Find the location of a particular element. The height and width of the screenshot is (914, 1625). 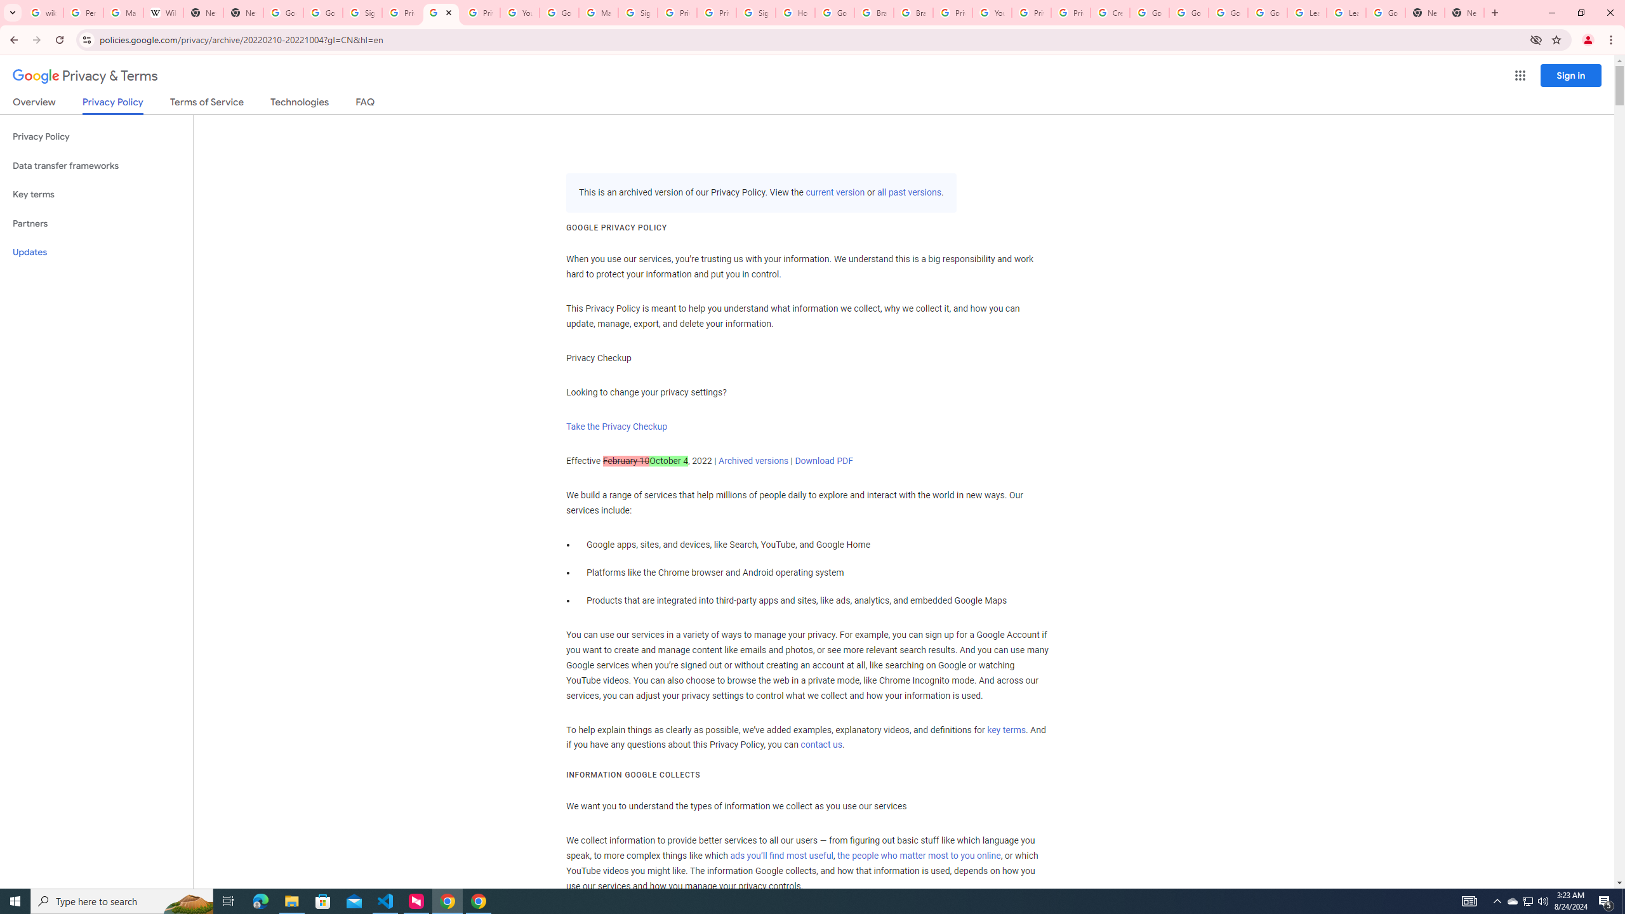

'Google Account' is located at coordinates (1384, 12).